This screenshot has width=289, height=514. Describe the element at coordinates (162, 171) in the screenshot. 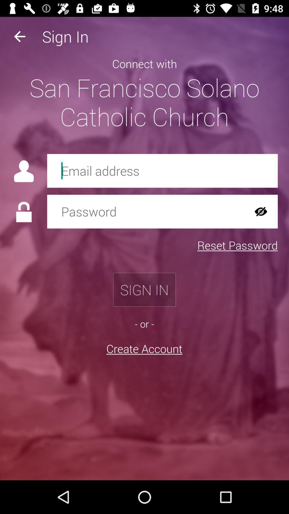

I see `tis feild is used to enter your email address` at that location.